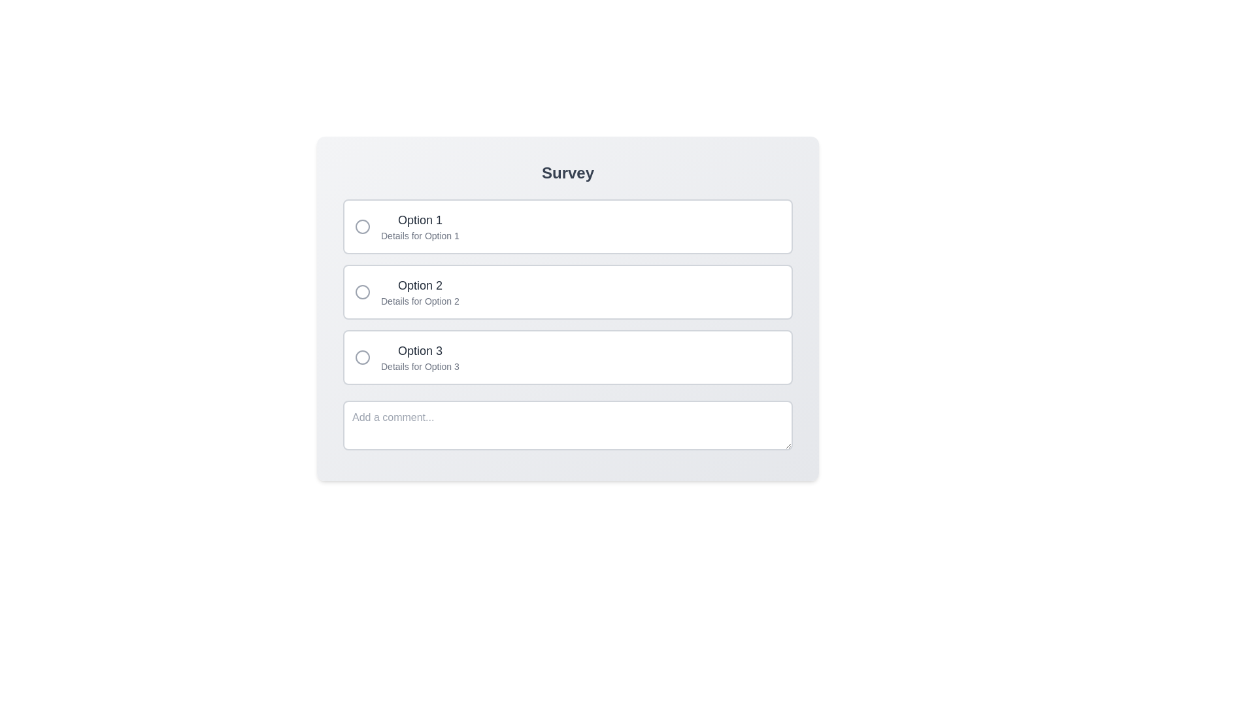 Image resolution: width=1255 pixels, height=706 pixels. I want to click on the 'Option 1' text block, which presents a selectable option with details, so click(420, 226).